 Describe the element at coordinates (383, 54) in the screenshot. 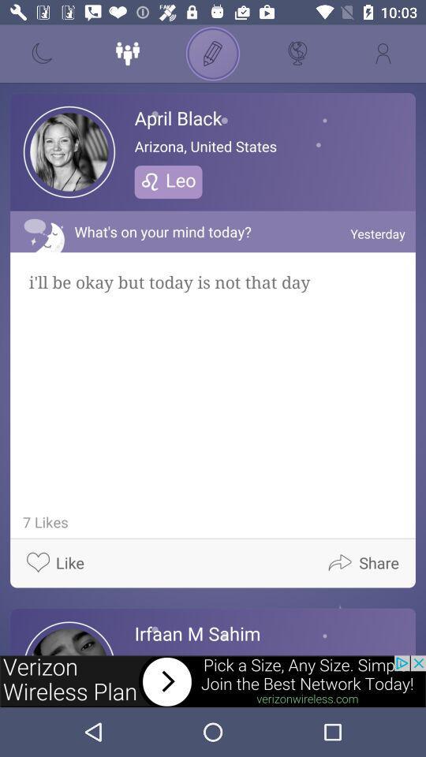

I see `on profile icon` at that location.